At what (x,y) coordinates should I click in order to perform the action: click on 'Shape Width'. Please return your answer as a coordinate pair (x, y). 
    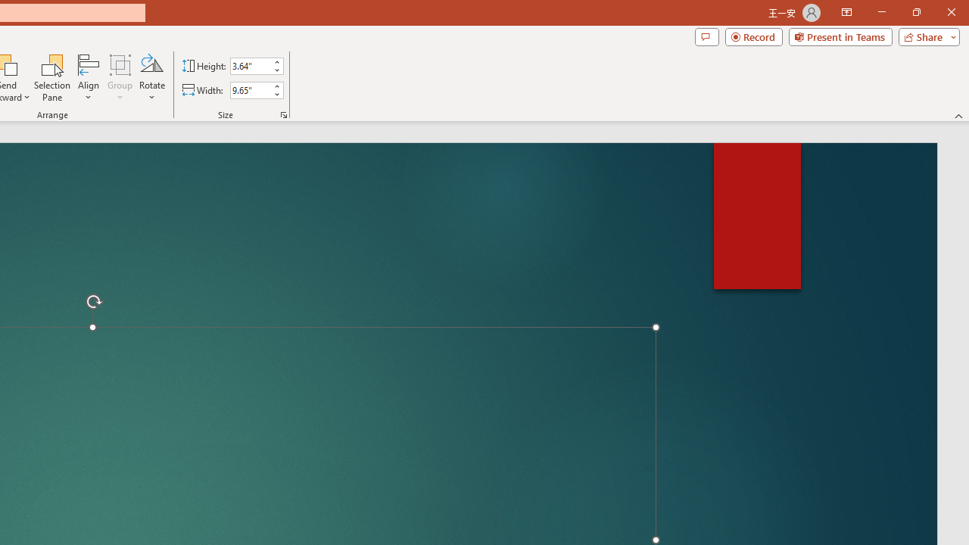
    Looking at the image, I should click on (250, 90).